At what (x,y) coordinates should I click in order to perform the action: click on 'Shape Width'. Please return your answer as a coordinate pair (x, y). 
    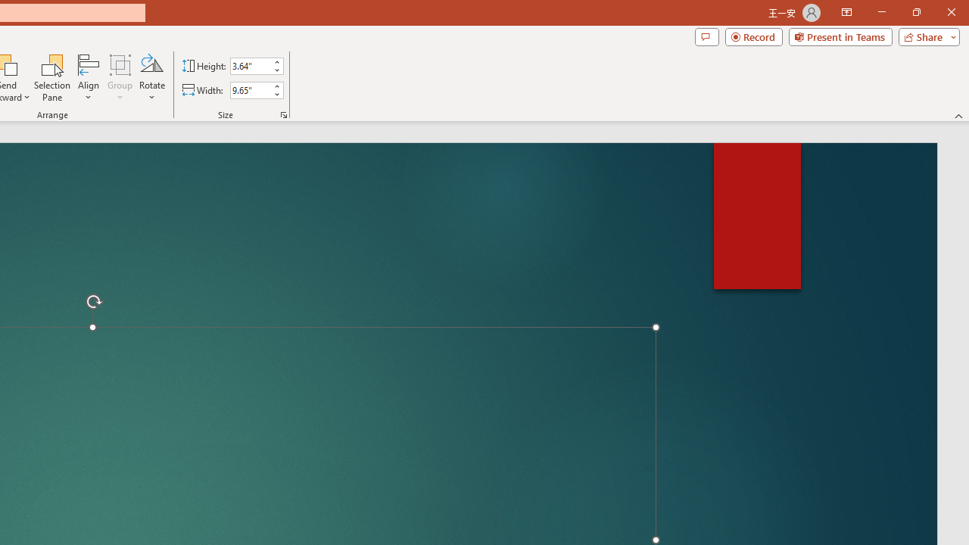
    Looking at the image, I should click on (250, 90).